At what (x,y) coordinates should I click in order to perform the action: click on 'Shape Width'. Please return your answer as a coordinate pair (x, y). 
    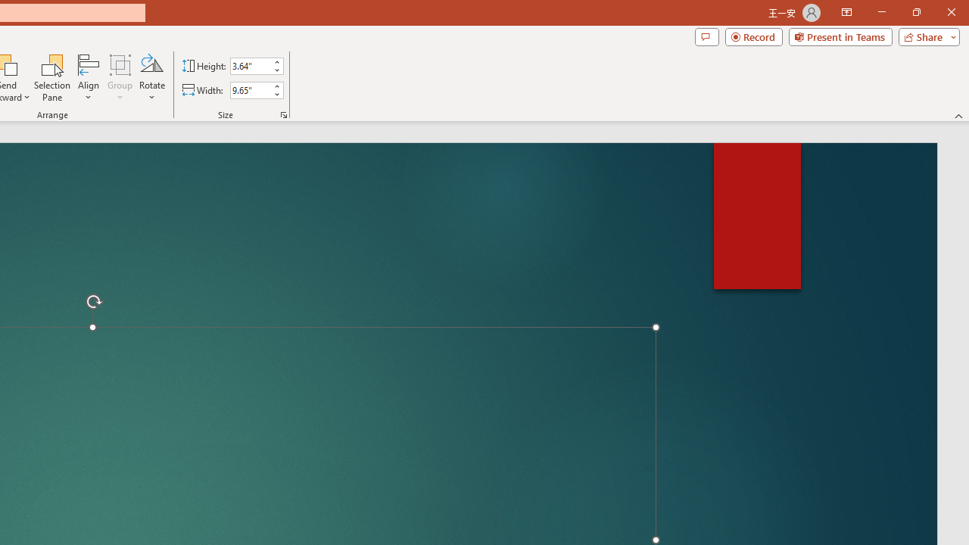
    Looking at the image, I should click on (250, 90).